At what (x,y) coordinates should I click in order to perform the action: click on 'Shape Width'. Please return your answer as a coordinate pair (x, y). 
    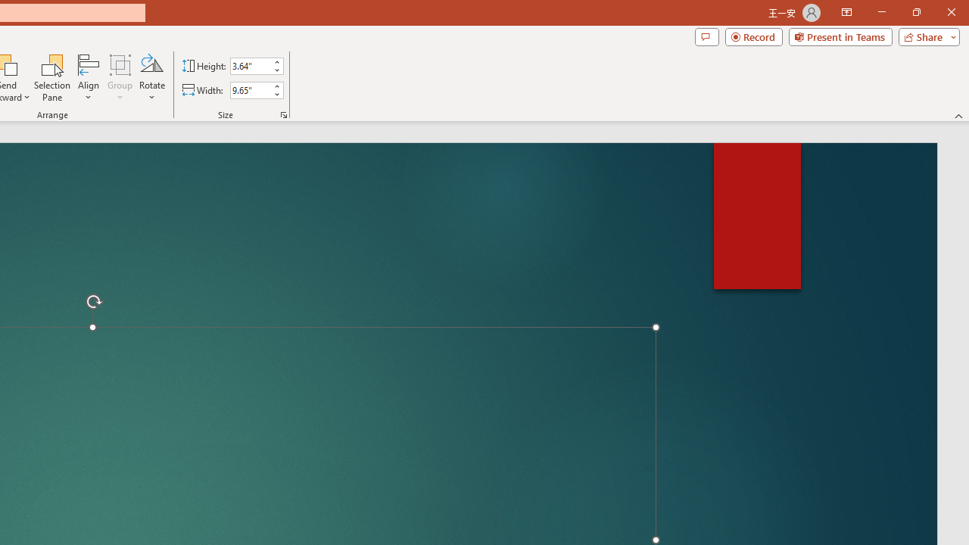
    Looking at the image, I should click on (250, 90).